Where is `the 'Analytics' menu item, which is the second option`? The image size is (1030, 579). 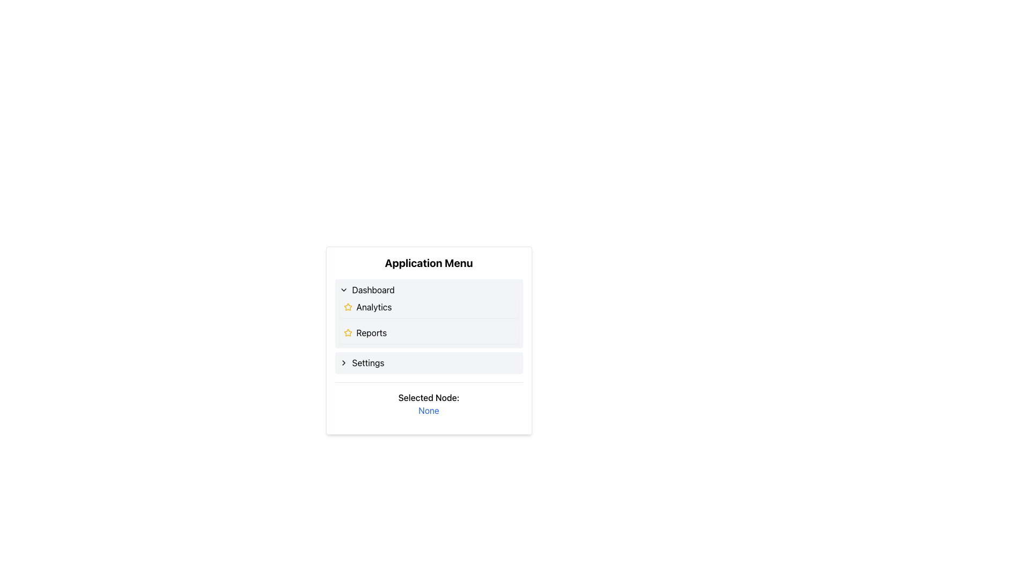
the 'Analytics' menu item, which is the second option is located at coordinates (428, 314).